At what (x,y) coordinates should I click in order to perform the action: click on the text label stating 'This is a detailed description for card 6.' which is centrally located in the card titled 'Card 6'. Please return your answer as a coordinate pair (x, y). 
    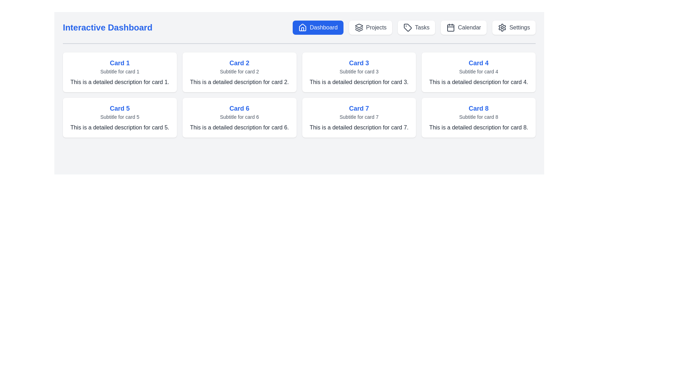
    Looking at the image, I should click on (239, 127).